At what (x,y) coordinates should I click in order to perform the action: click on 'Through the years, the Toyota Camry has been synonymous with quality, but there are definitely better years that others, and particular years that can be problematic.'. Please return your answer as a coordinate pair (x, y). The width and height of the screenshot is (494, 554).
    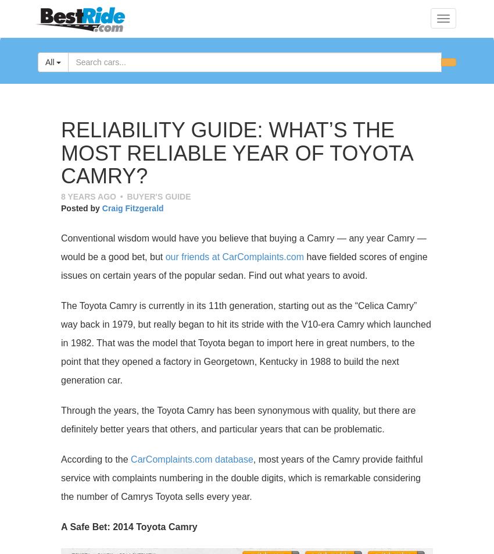
    Looking at the image, I should click on (60, 419).